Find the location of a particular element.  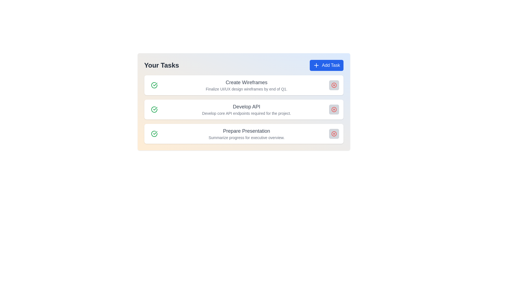

the green checkmark in the 'Prepare Presentation' task card to mark it as completed is located at coordinates (243, 134).